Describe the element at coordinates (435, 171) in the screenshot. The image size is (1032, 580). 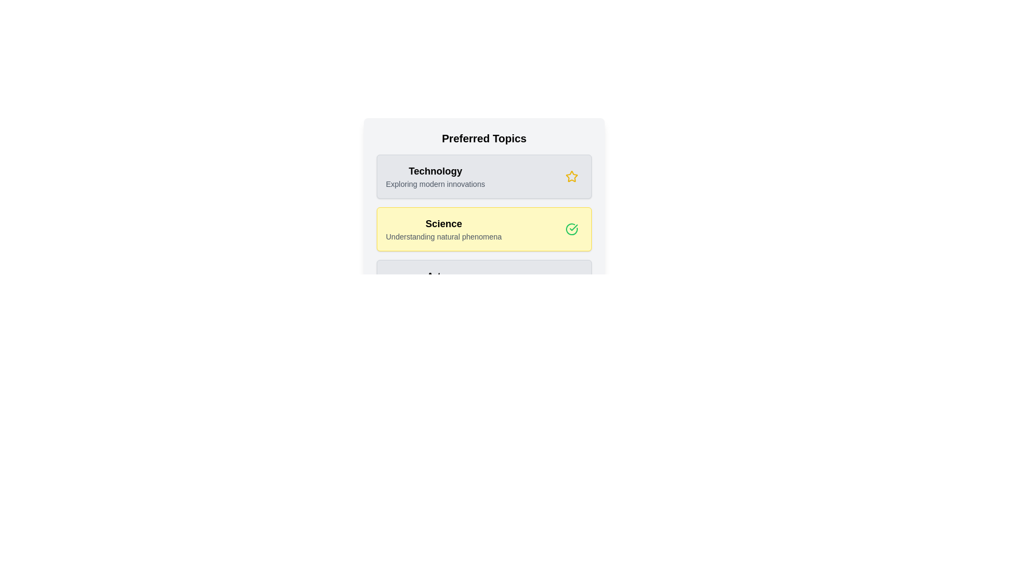
I see `the topic name to highlight or focus on it. Use the parameter Technology to specify the topic to interact with` at that location.